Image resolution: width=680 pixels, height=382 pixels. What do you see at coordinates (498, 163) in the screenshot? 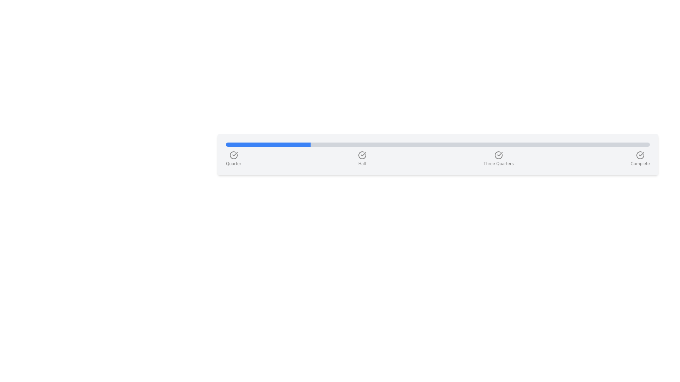
I see `the small text label reading 'Three Quarters' styled in light gray color, located beneath the checkmark icon in the progress bar` at bounding box center [498, 163].